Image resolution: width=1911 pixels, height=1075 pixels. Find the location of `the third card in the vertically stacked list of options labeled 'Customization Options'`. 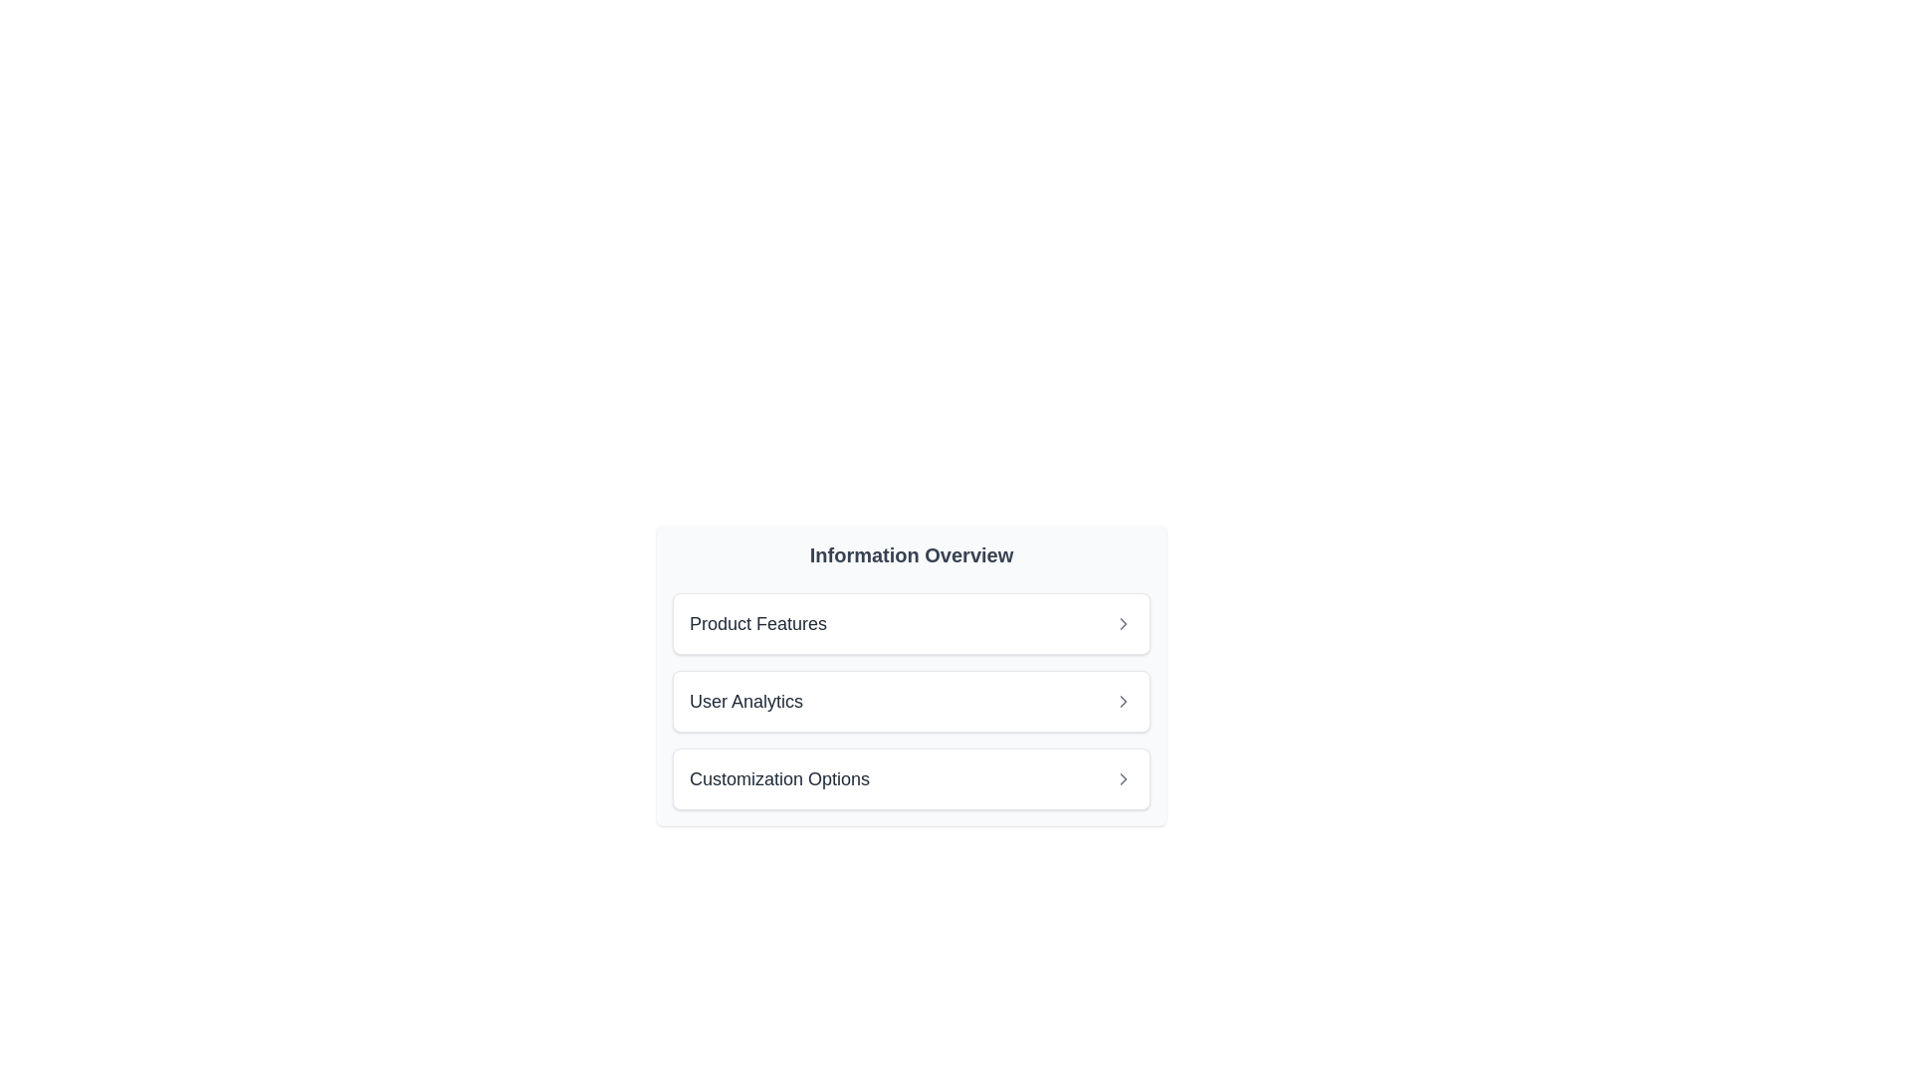

the third card in the vertically stacked list of options labeled 'Customization Options' is located at coordinates (911, 778).